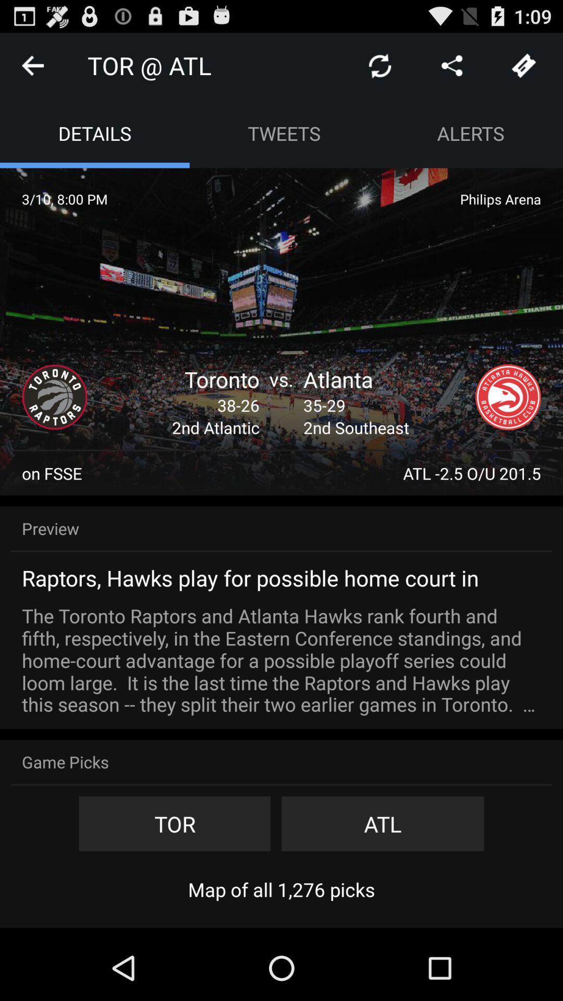  I want to click on get tickets, so click(524, 65).